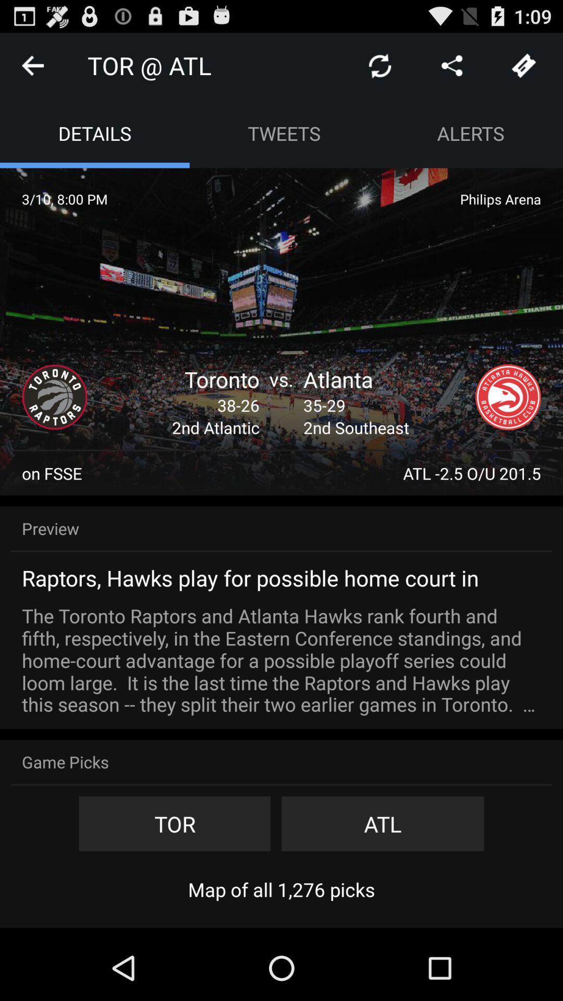  I want to click on get tickets, so click(524, 65).